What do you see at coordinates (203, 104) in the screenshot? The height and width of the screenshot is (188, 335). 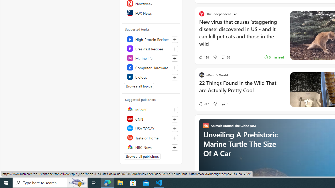 I see `'247 Like'` at bounding box center [203, 104].